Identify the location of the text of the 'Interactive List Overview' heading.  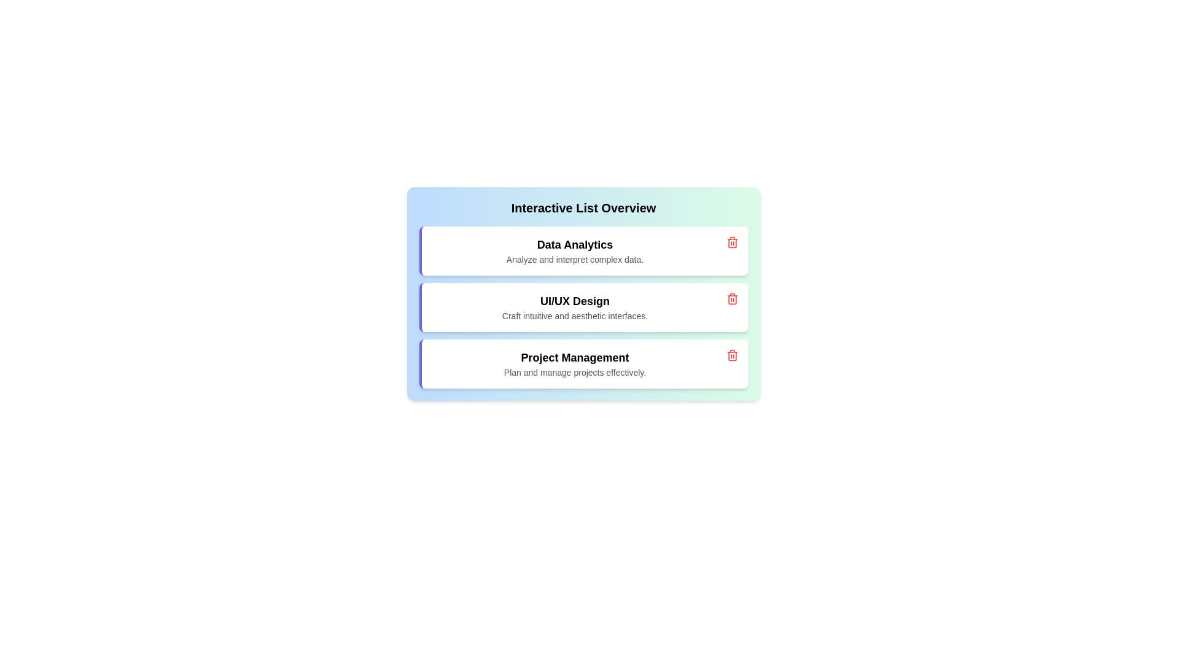
(583, 207).